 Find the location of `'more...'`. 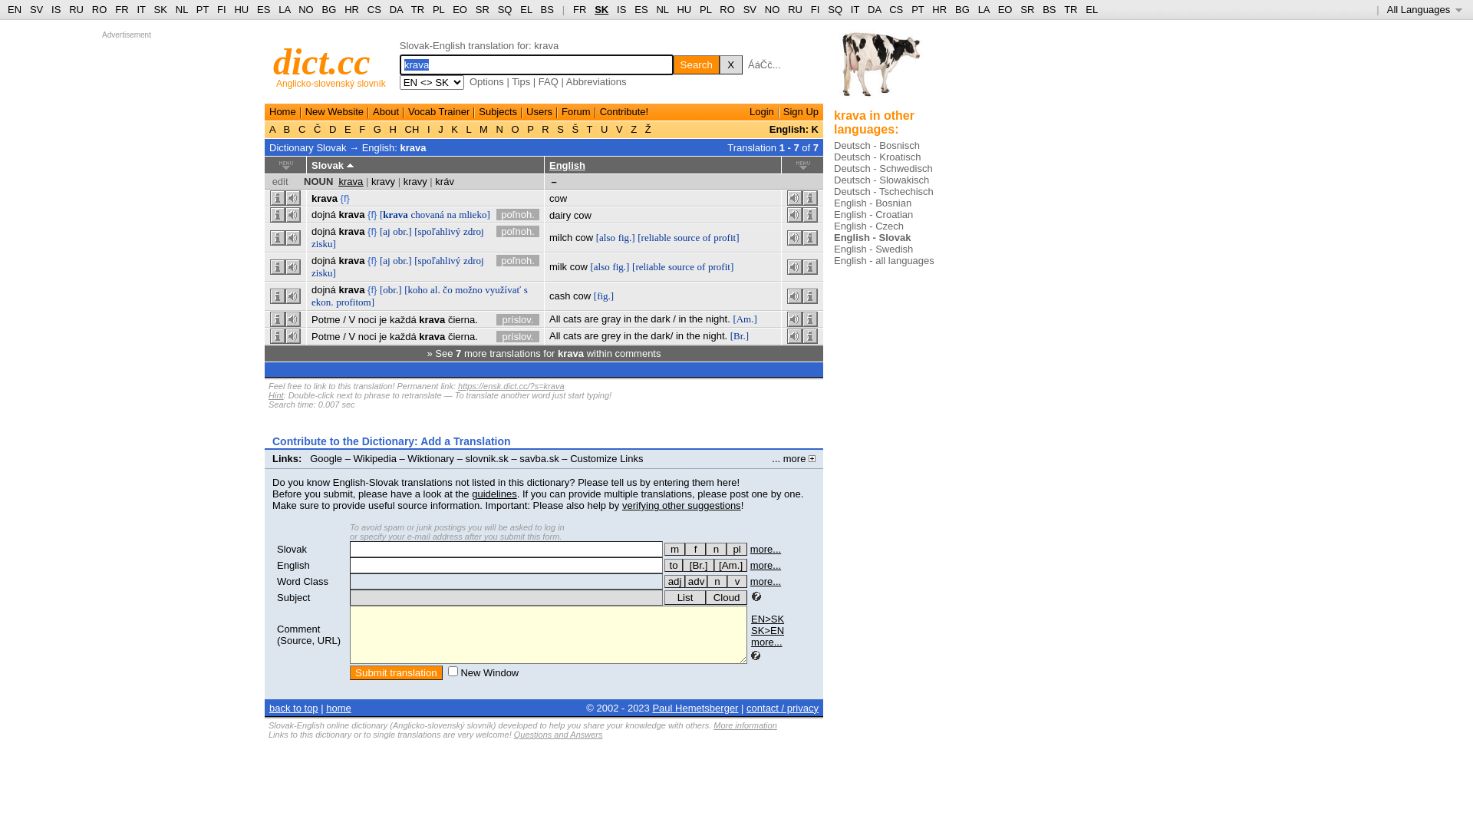

'more...' is located at coordinates (766, 581).